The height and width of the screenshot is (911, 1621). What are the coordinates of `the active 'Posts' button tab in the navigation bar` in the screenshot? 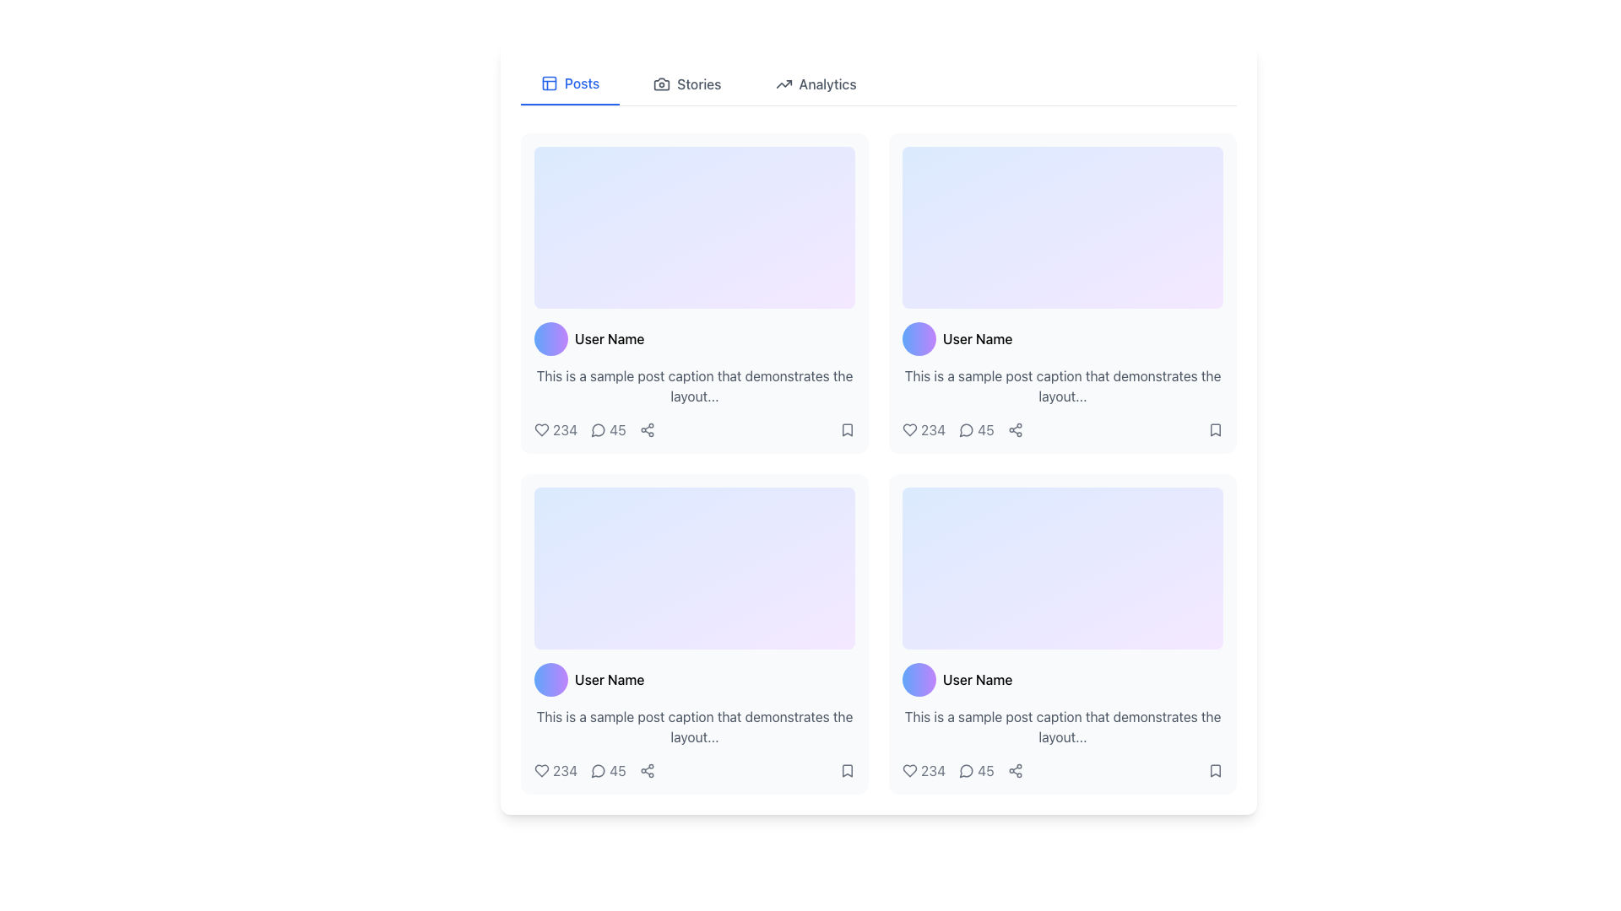 It's located at (570, 84).